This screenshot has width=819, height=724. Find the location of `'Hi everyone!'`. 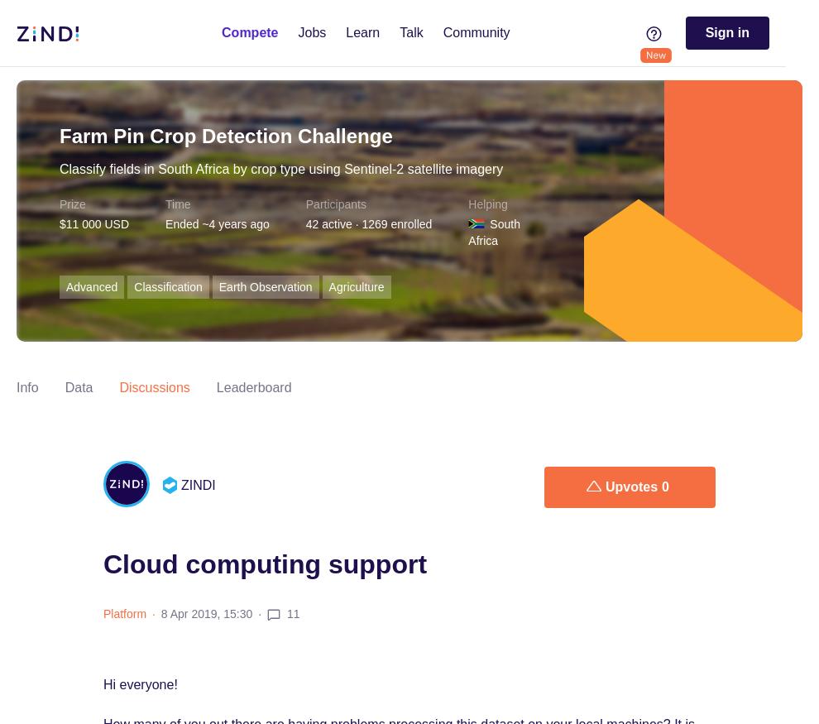

'Hi everyone!' is located at coordinates (140, 684).